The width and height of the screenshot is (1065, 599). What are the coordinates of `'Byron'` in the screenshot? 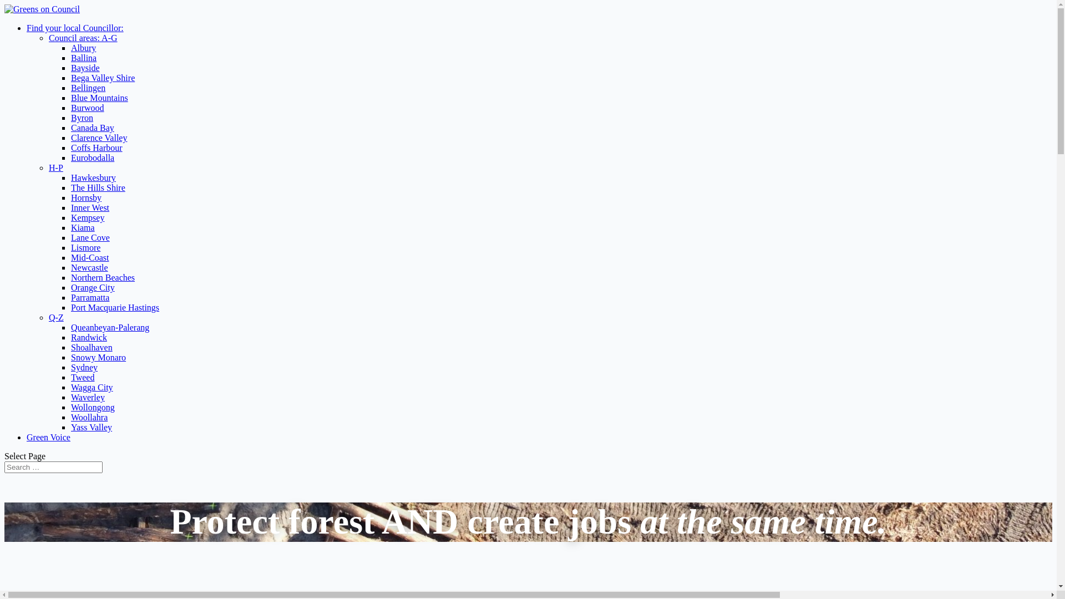 It's located at (82, 118).